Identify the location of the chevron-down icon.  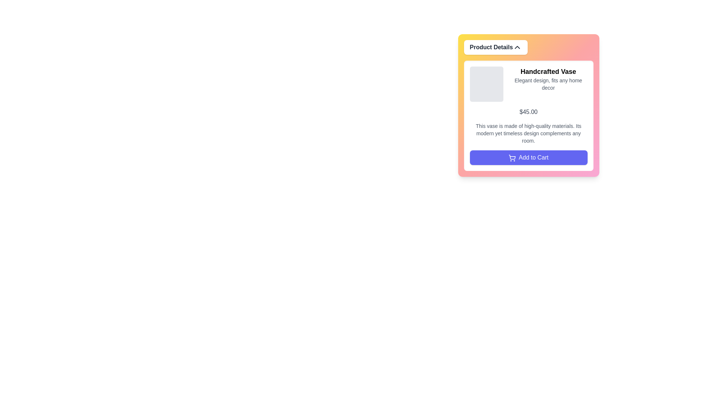
(517, 47).